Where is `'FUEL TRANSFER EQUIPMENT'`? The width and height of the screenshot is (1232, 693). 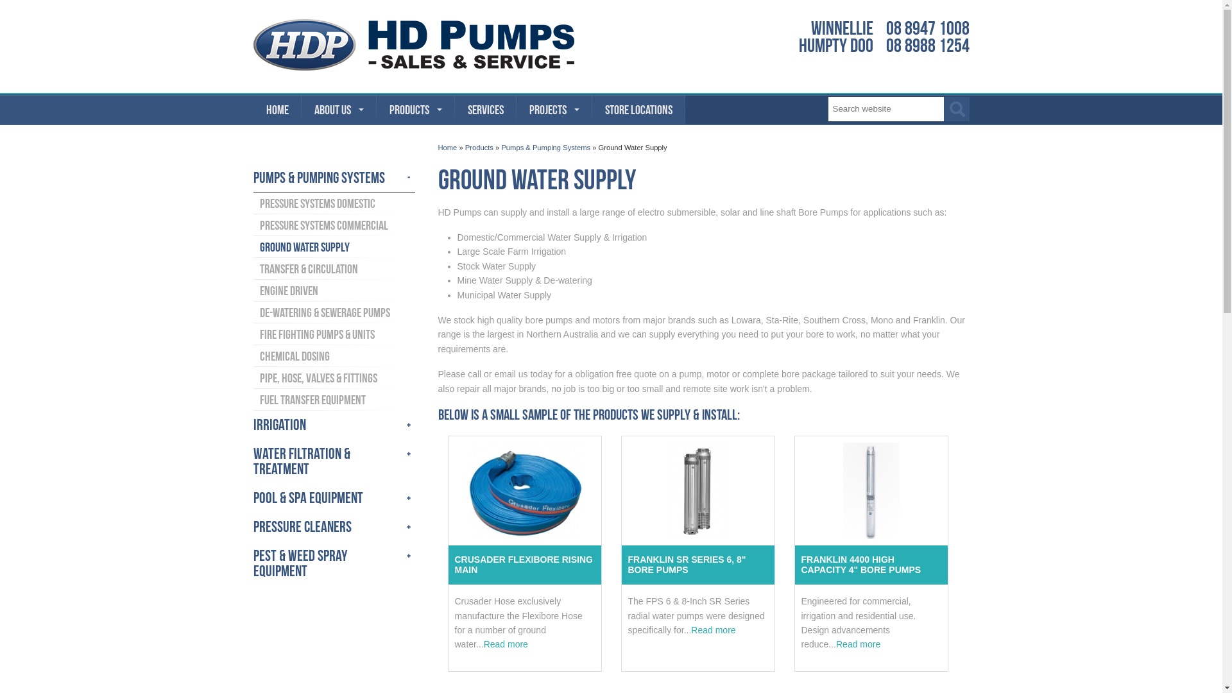
'FUEL TRANSFER EQUIPMENT' is located at coordinates (252, 399).